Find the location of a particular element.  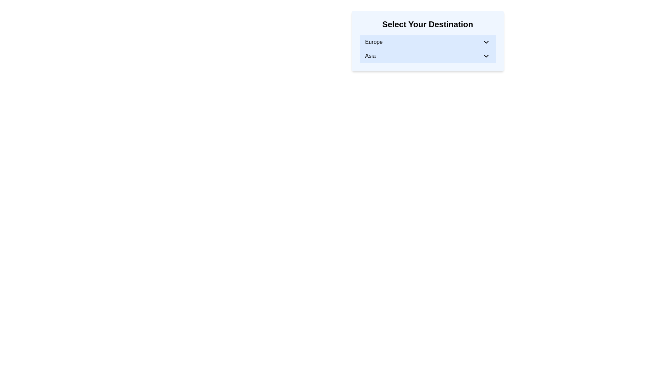

the second interactive button is located at coordinates (427, 56).